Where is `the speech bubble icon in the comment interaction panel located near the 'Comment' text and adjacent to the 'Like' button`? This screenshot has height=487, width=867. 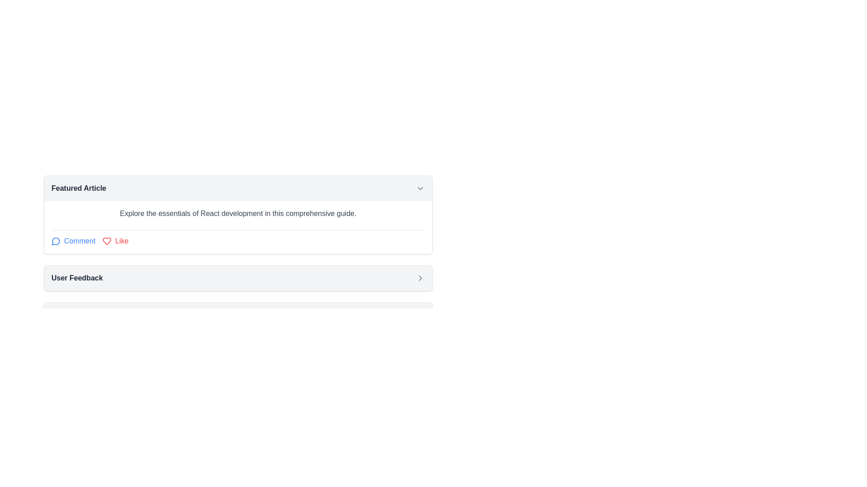 the speech bubble icon in the comment interaction panel located near the 'Comment' text and adjacent to the 'Like' button is located at coordinates (55, 241).